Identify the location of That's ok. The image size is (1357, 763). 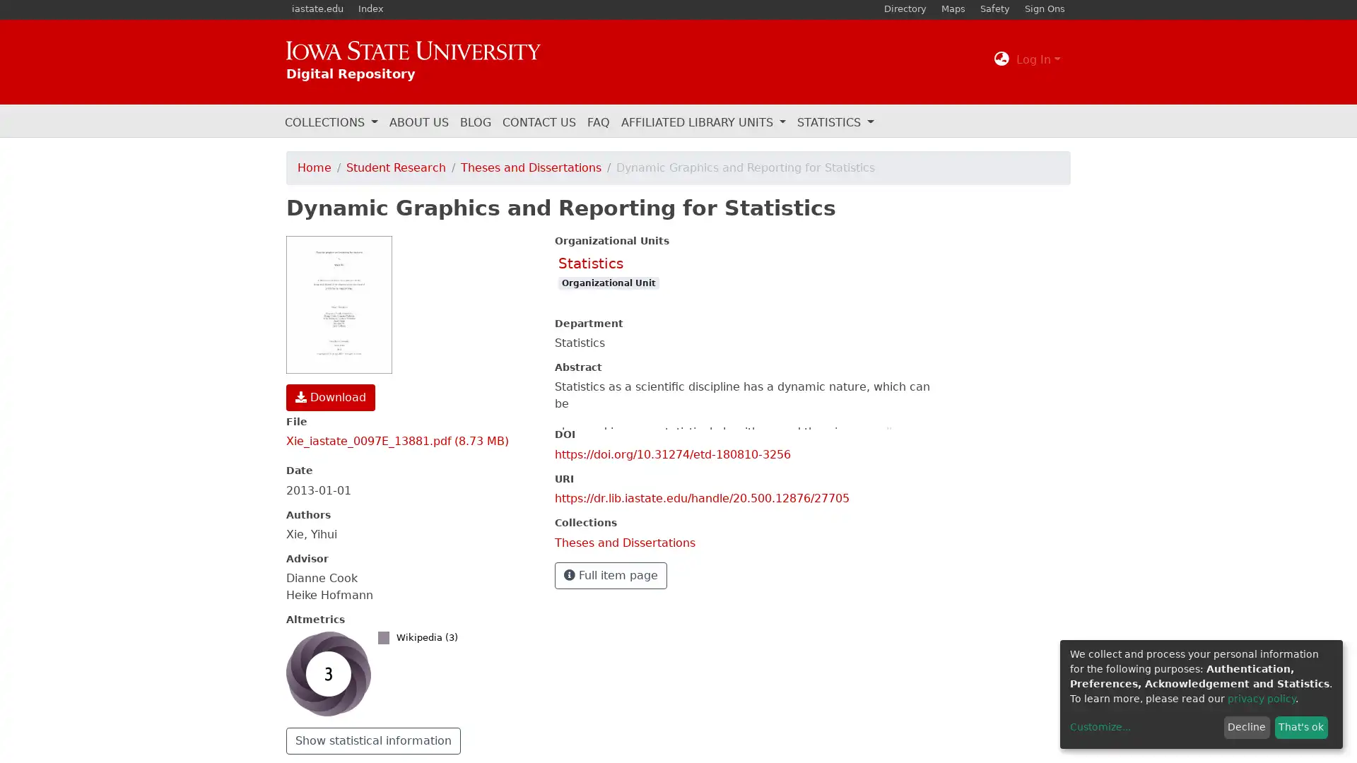
(1300, 727).